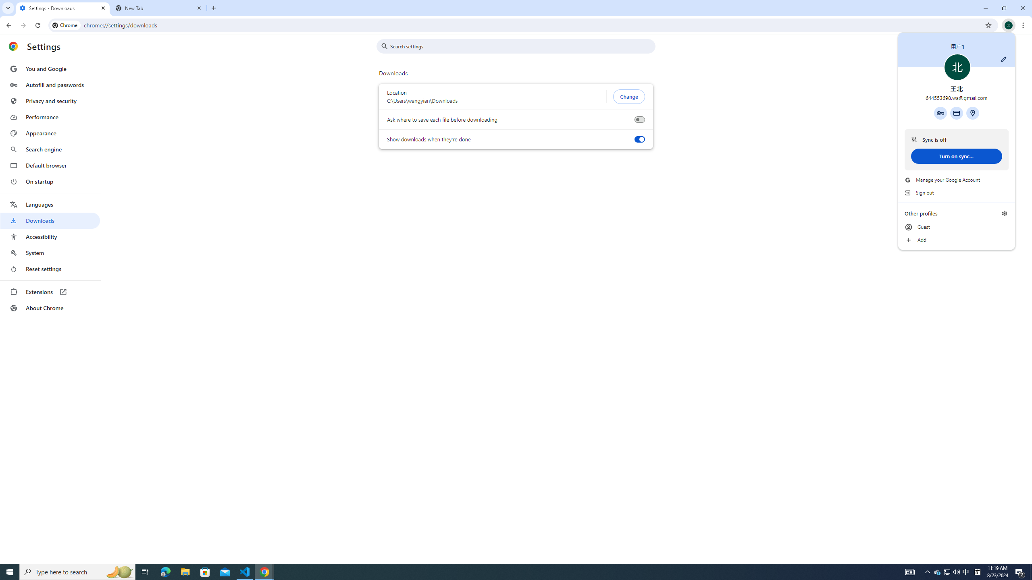 The width and height of the screenshot is (1032, 580). I want to click on 'Bookmark this tab', so click(988, 25).